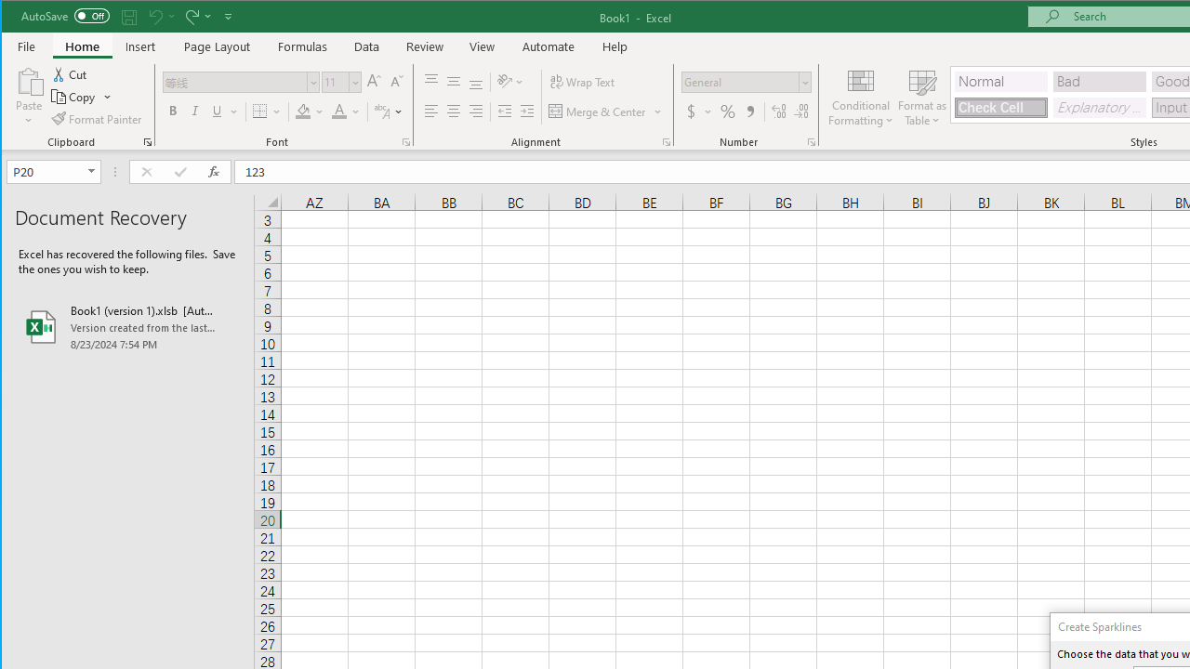 Image resolution: width=1190 pixels, height=669 pixels. What do you see at coordinates (922, 97) in the screenshot?
I see `'Format as Table'` at bounding box center [922, 97].